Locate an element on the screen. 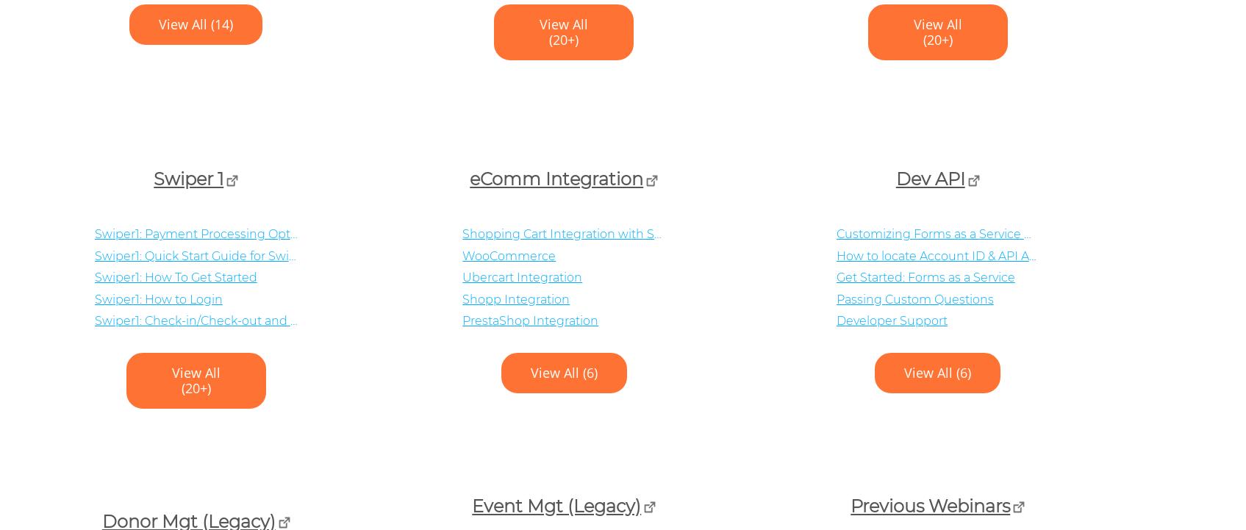 The height and width of the screenshot is (530, 1246). 'Swiper1: Payment Processing Options' is located at coordinates (204, 234).